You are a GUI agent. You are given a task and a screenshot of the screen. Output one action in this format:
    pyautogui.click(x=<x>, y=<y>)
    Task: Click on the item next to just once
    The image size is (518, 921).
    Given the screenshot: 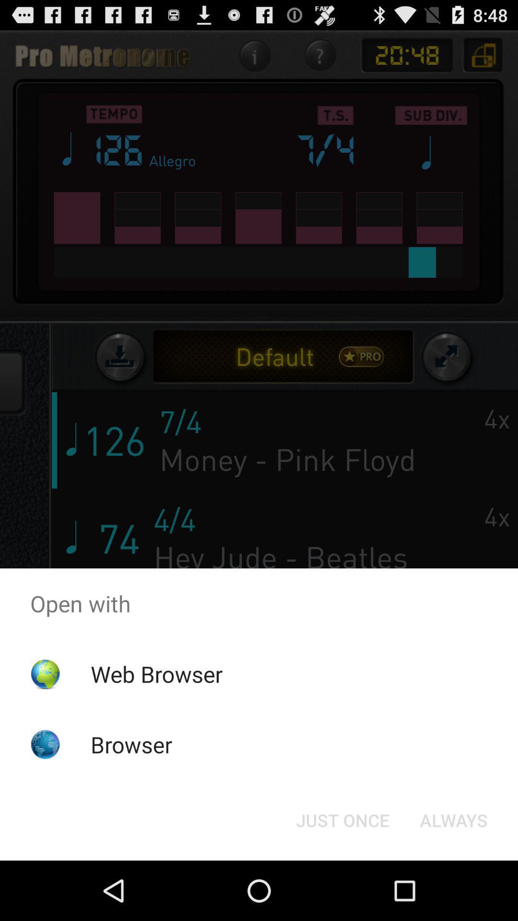 What is the action you would take?
    pyautogui.click(x=453, y=819)
    